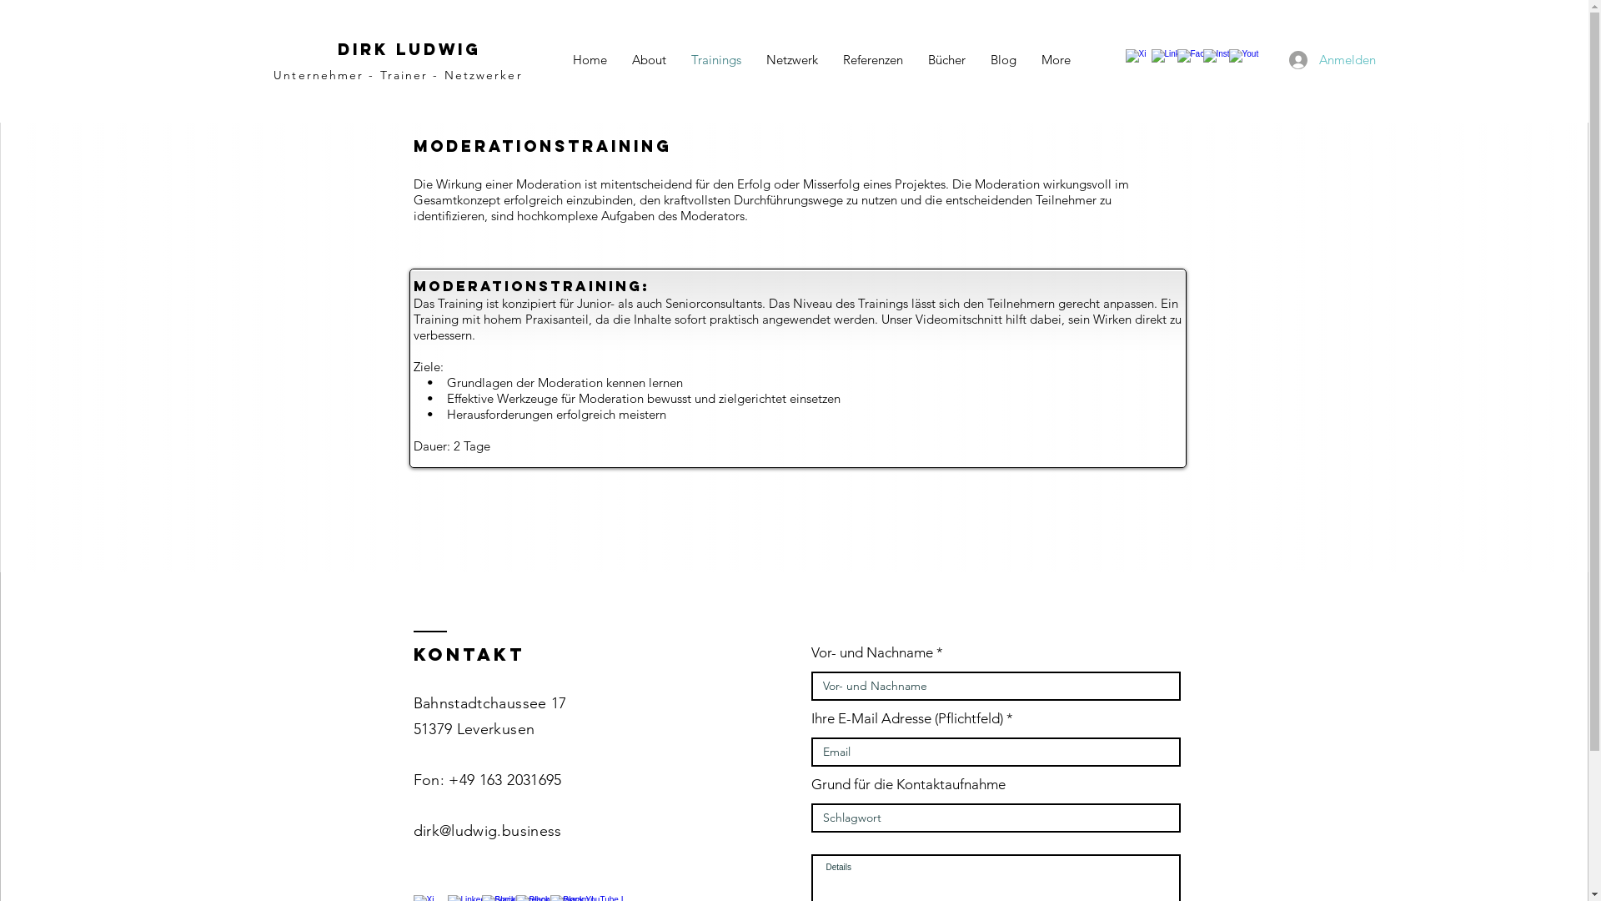 The height and width of the screenshot is (901, 1601). What do you see at coordinates (871, 59) in the screenshot?
I see `'Referenzen'` at bounding box center [871, 59].